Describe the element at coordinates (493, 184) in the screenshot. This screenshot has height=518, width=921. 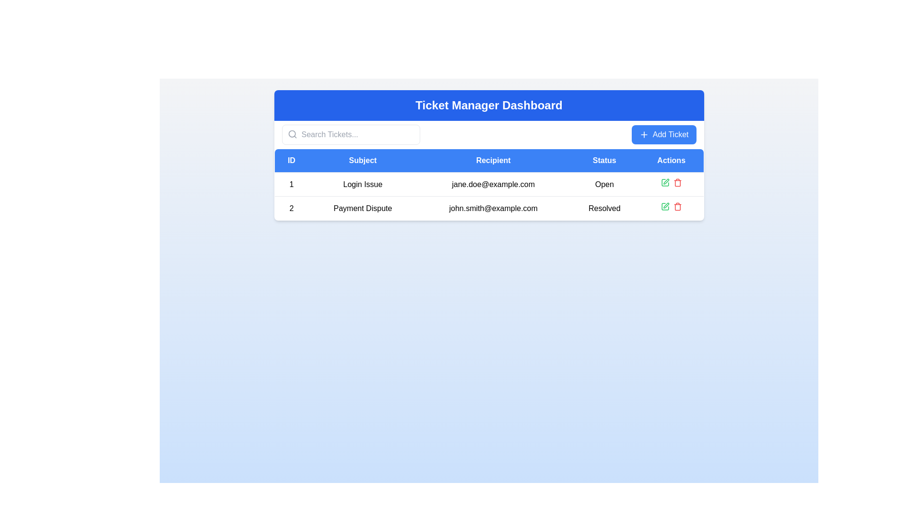
I see `the static text label displaying the recipient's email address in the 'Recipient' column of the first row of the data table` at that location.